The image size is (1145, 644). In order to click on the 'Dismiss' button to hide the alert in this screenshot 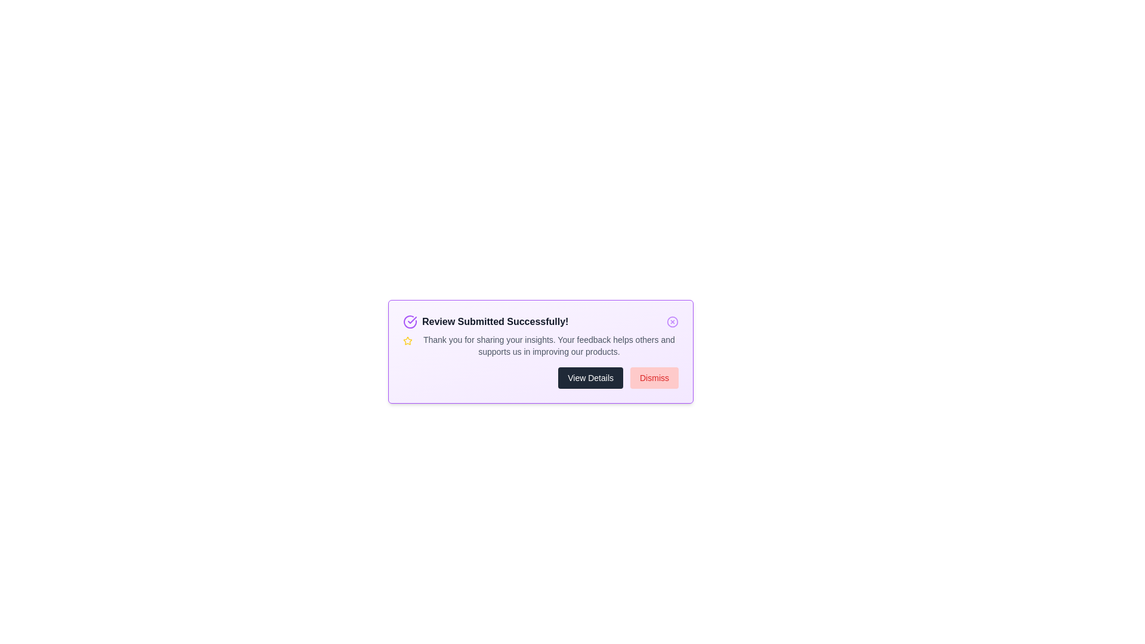, I will do `click(654, 377)`.